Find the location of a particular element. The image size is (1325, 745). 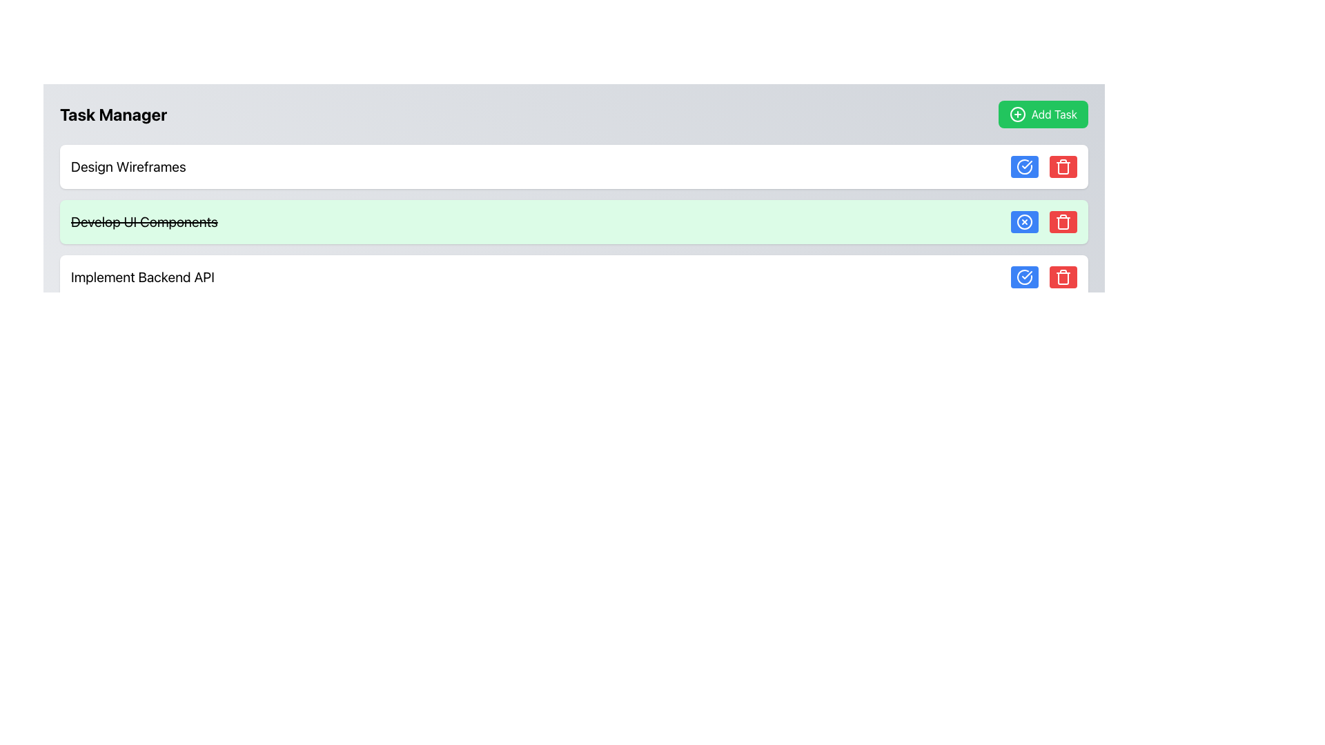

the interactive button in the top-right corner of the interface is located at coordinates (1043, 113).